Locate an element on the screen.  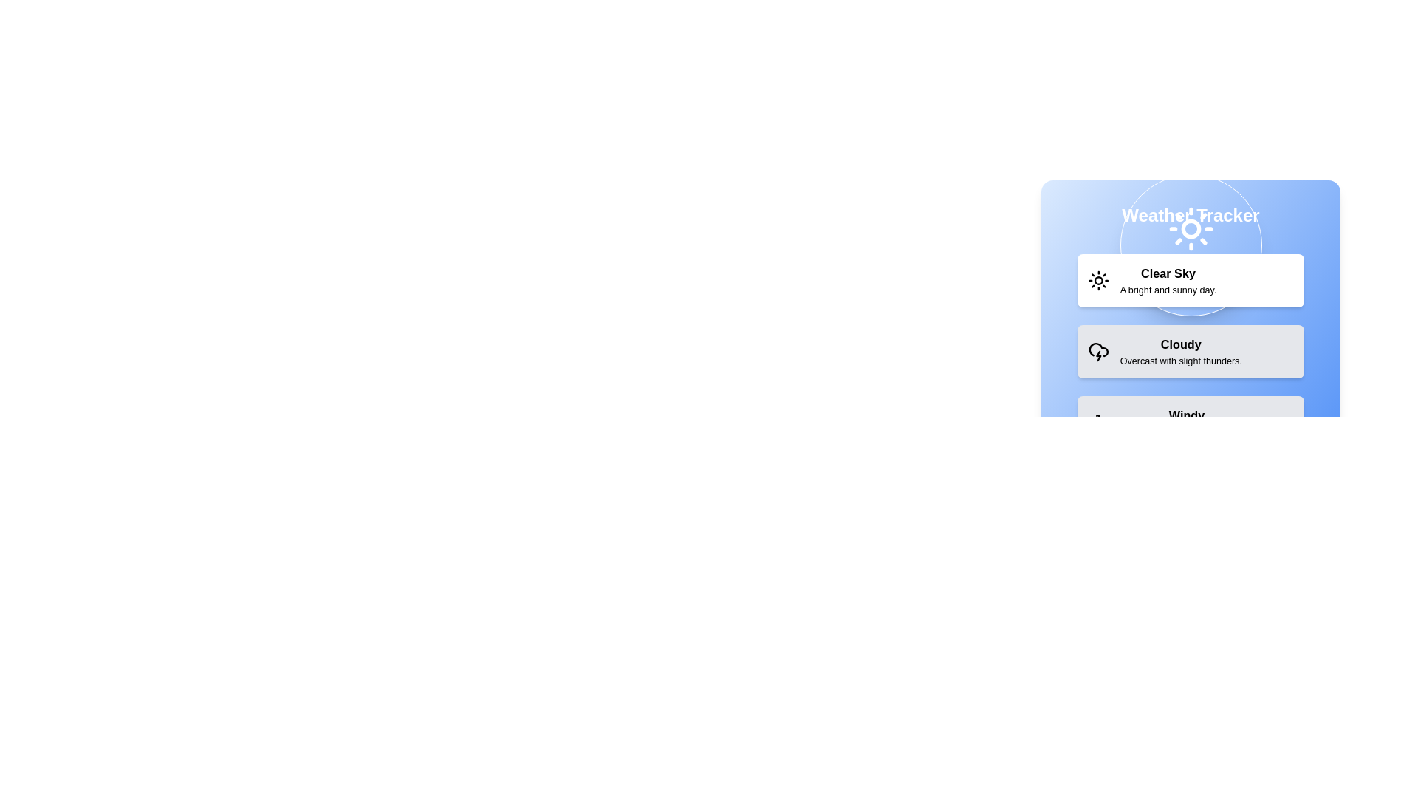
the sun icon located within the 'Clear Sky' card, which symbolizes clear weather, positioned to the left of the card's text content is located at coordinates (1098, 281).